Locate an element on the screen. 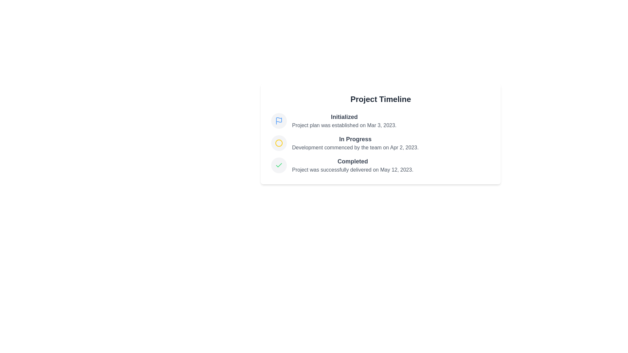 The width and height of the screenshot is (628, 353). the second item in the vertical timeline list that represents the progress state 'In Progress' is located at coordinates (380, 143).